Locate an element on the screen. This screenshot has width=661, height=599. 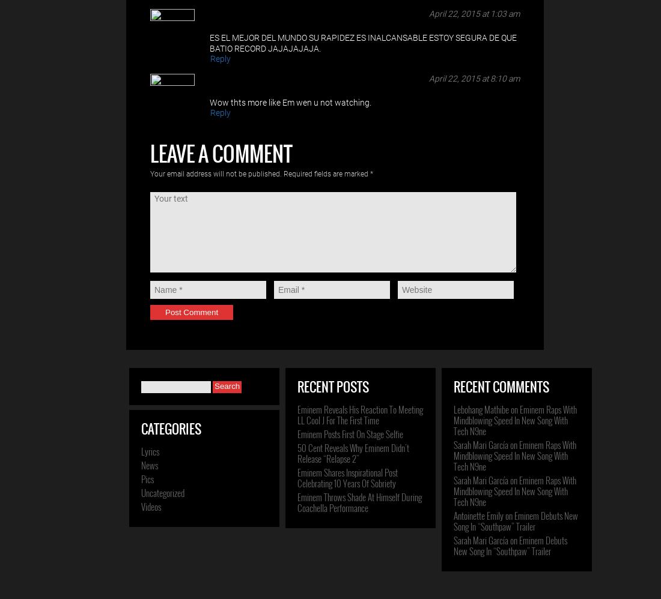
'*' is located at coordinates (371, 173).